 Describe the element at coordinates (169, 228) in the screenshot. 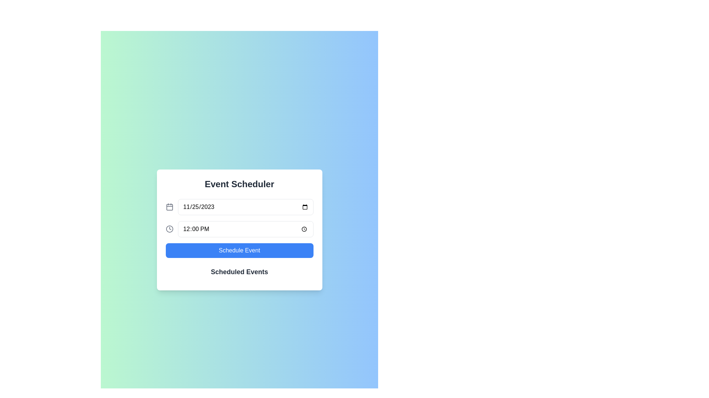

I see `the SVG circle element that represents the analog clock face in the event scheduler interface, which is part of the clock icon next to the time input field` at that location.